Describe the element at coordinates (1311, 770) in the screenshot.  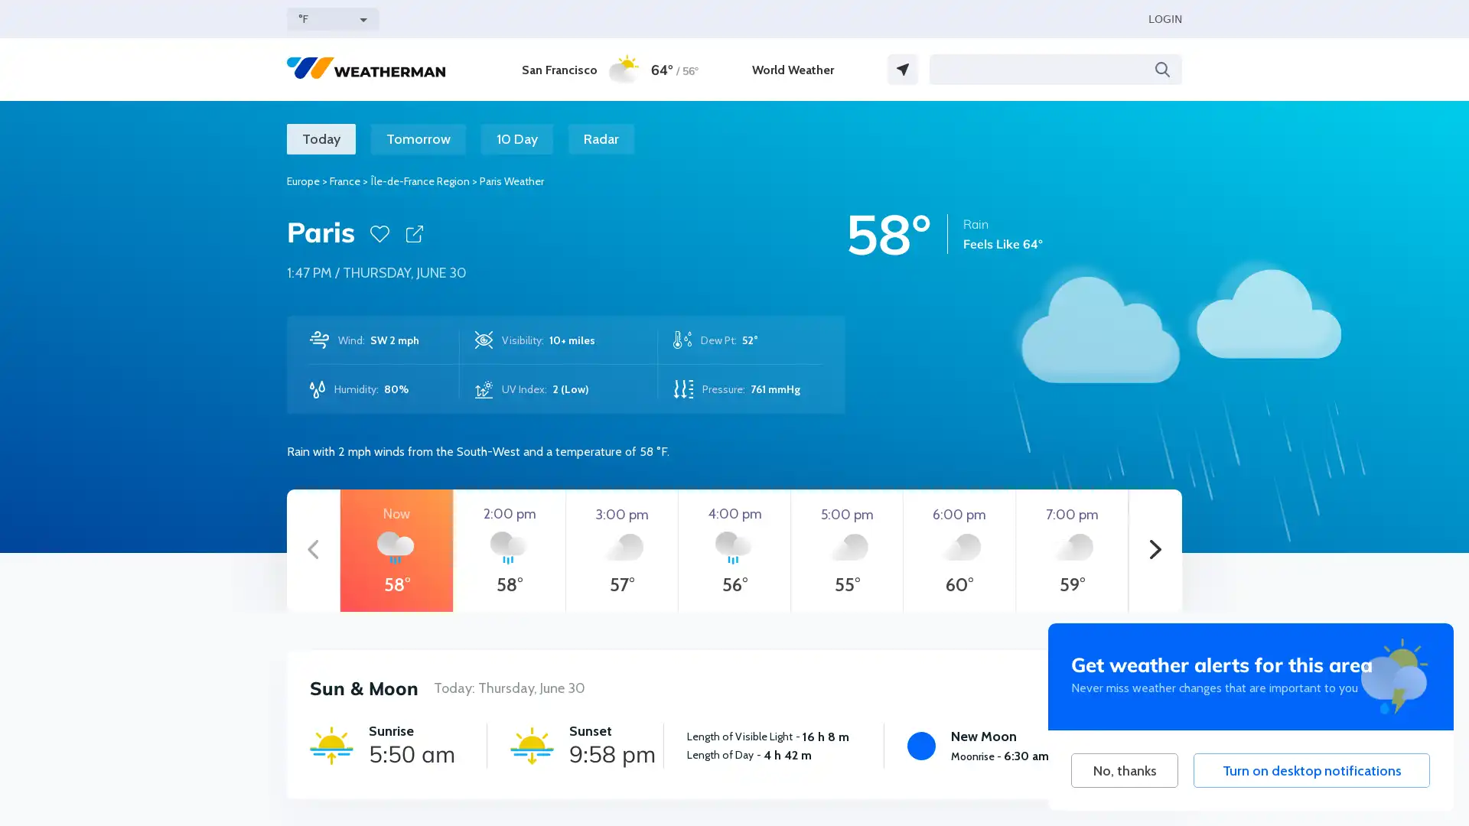
I see `Turn on desktop notifications` at that location.